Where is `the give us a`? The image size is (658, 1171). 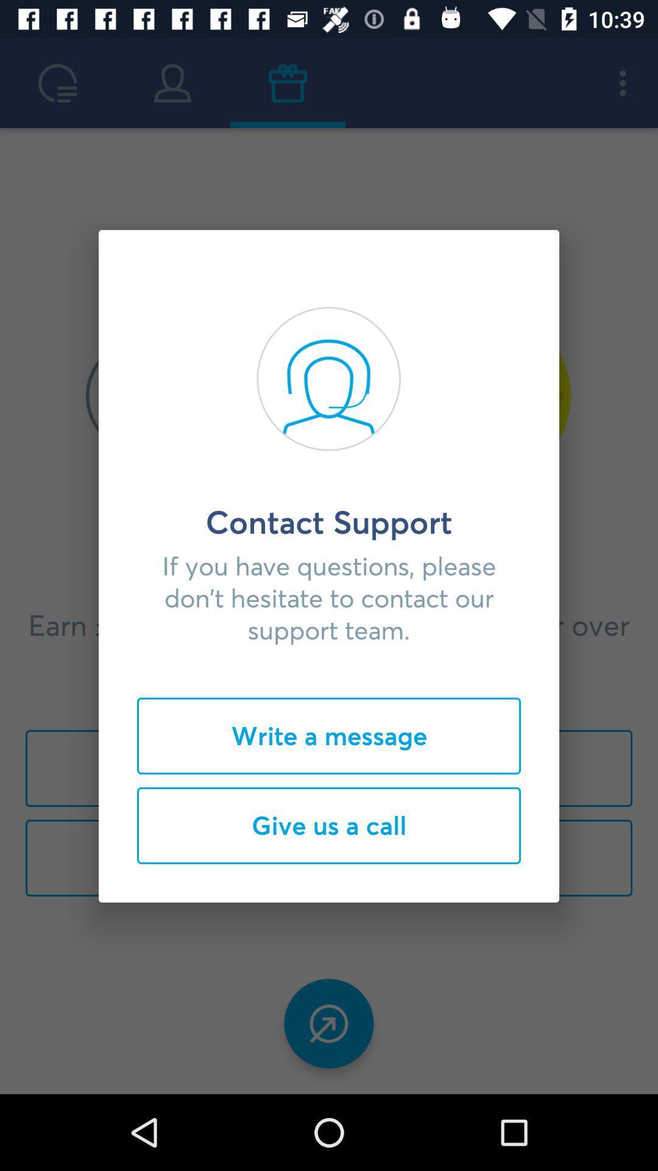 the give us a is located at coordinates (329, 825).